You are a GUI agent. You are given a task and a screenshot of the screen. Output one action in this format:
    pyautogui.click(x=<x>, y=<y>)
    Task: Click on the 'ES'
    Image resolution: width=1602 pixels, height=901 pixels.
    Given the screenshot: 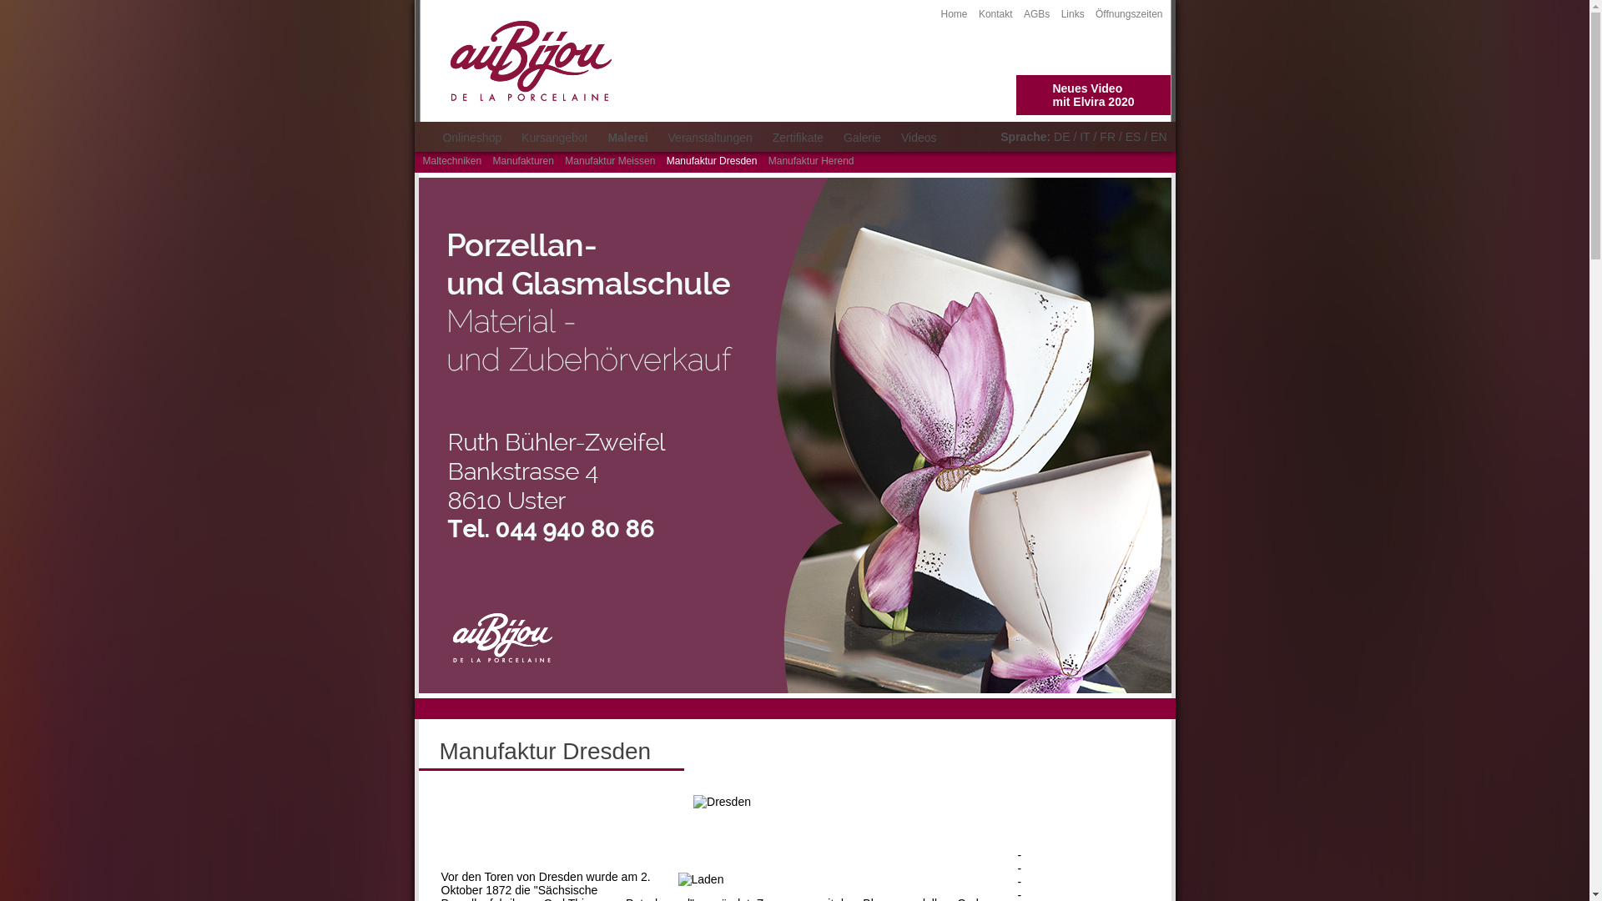 What is the action you would take?
    pyautogui.click(x=1133, y=136)
    